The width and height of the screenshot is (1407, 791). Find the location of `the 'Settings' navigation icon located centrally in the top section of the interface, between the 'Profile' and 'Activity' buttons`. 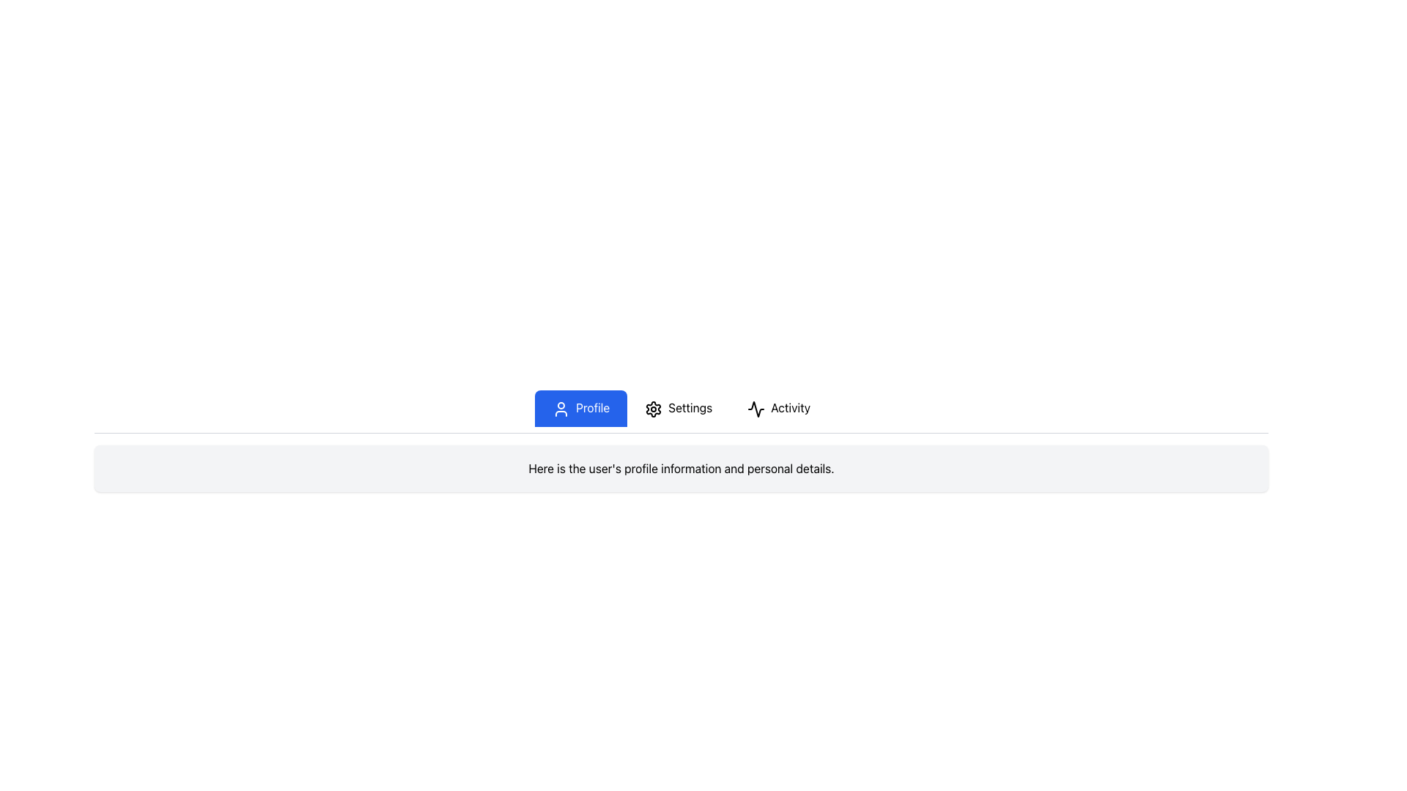

the 'Settings' navigation icon located centrally in the top section of the interface, between the 'Profile' and 'Activity' buttons is located at coordinates (653, 409).